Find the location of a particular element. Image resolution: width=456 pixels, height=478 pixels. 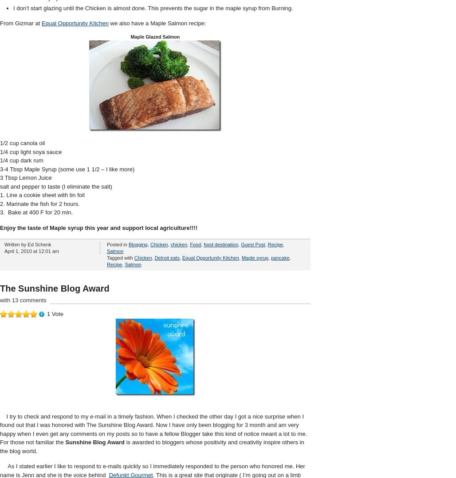

'Food' is located at coordinates (189, 244).